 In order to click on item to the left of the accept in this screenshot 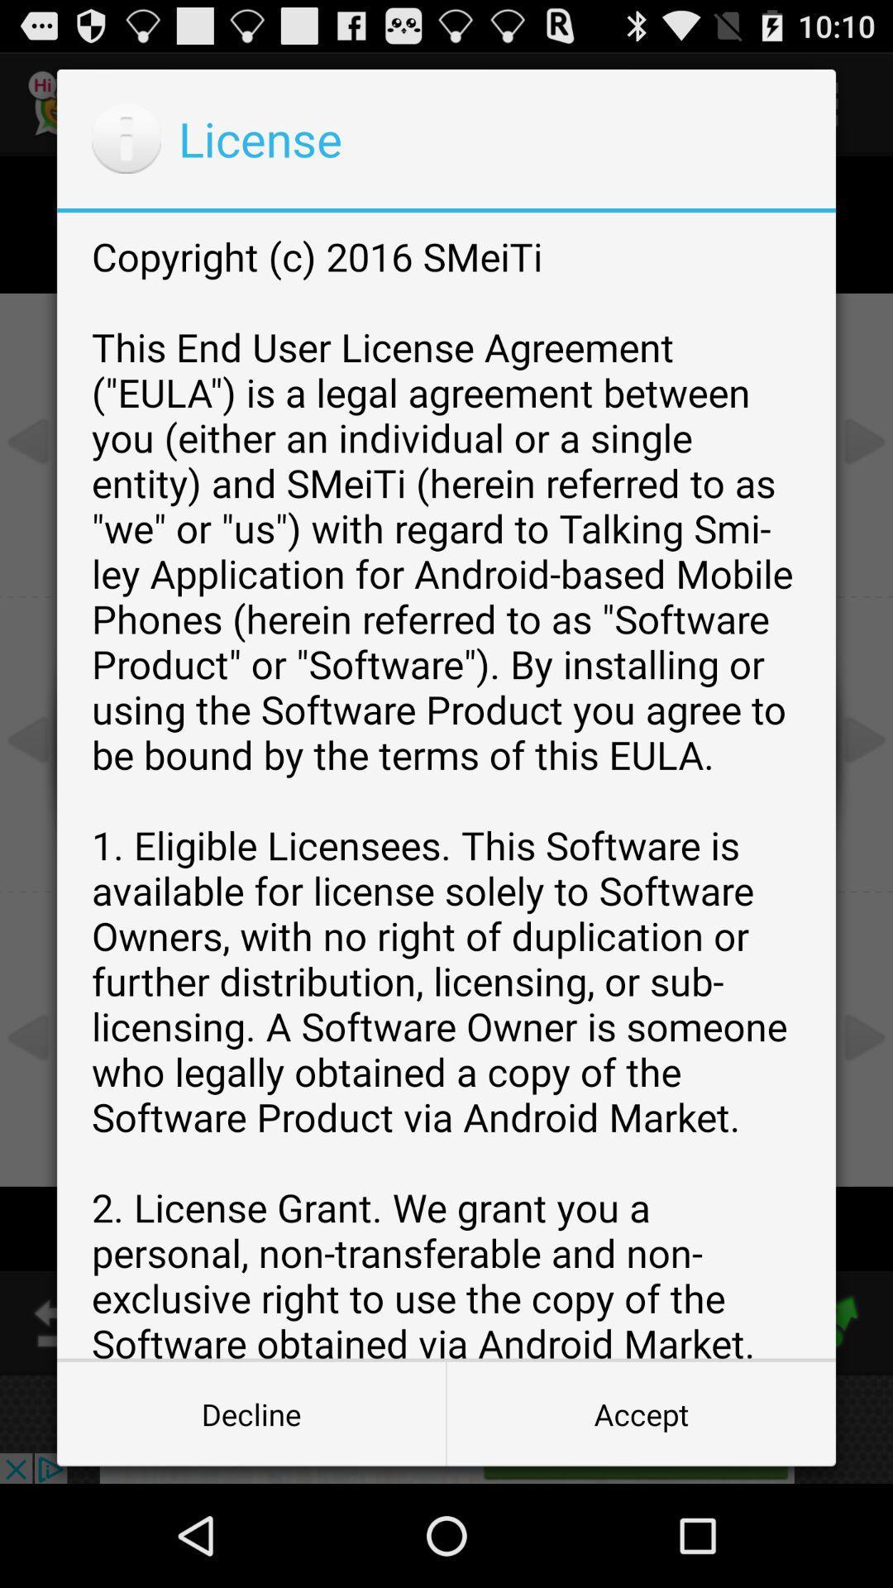, I will do `click(251, 1413)`.